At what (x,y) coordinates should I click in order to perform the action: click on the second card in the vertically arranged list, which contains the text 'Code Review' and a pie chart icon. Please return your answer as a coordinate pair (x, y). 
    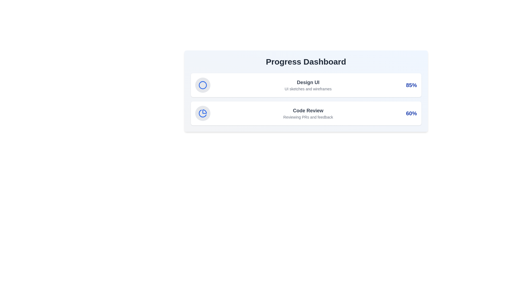
    Looking at the image, I should click on (306, 113).